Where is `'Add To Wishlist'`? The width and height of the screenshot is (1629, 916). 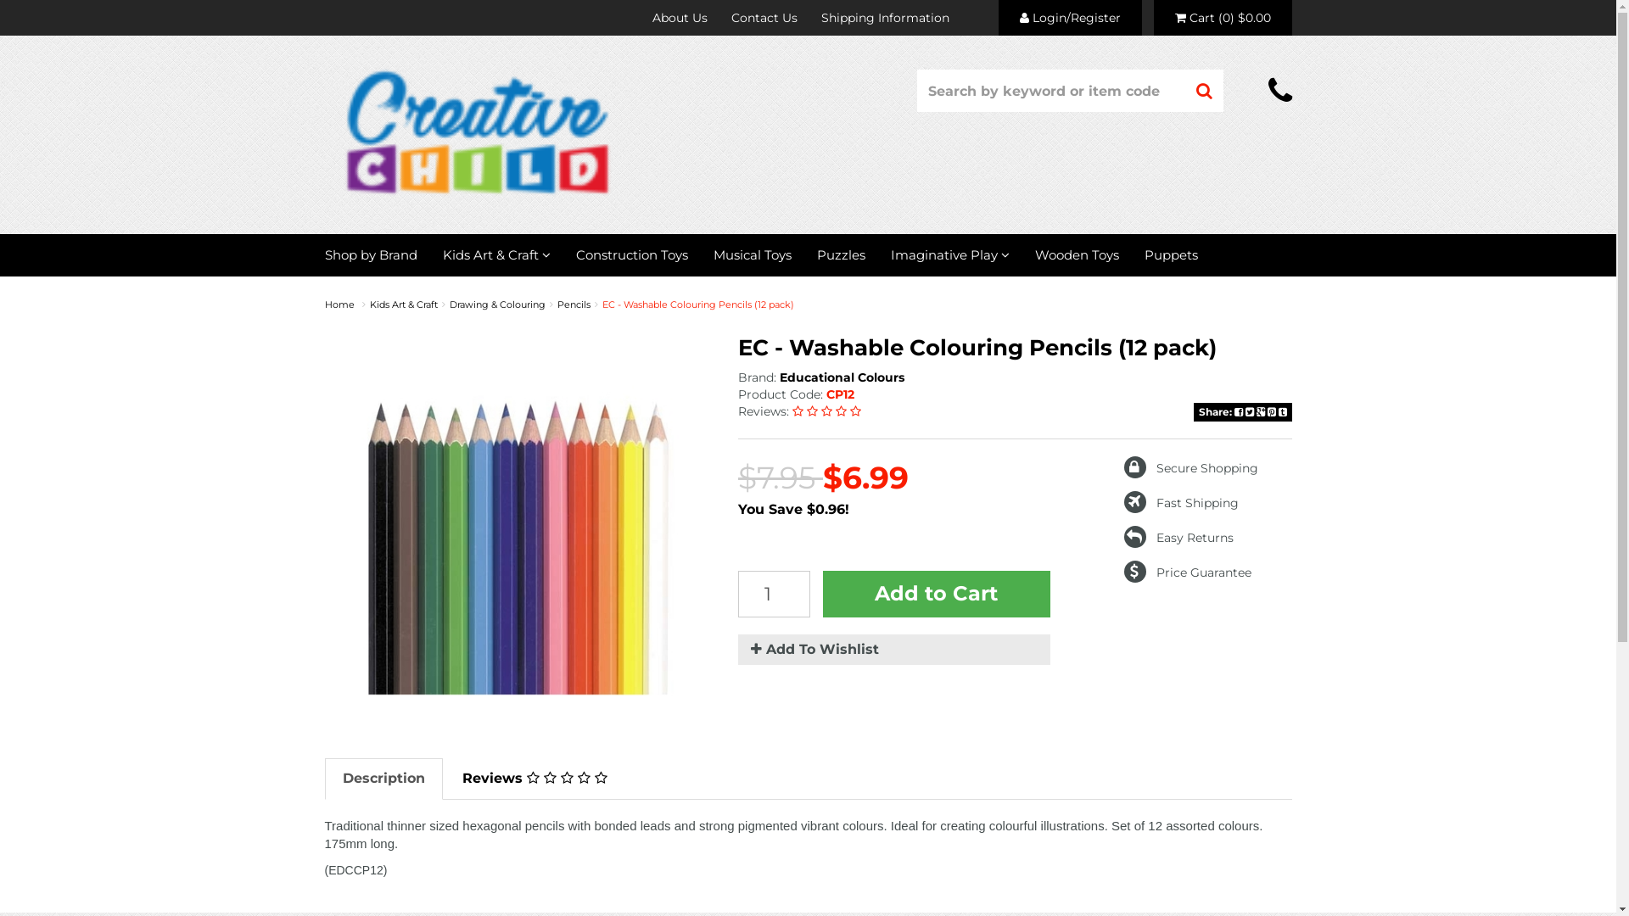
'Add To Wishlist' is located at coordinates (893, 649).